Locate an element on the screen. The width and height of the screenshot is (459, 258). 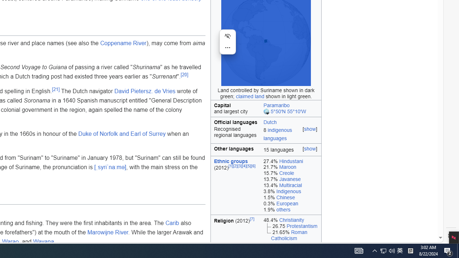
'[6]' is located at coordinates (253, 166).